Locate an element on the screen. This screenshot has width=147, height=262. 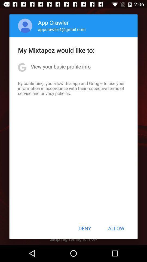
appcrawler4@gmail.com app is located at coordinates (62, 29).